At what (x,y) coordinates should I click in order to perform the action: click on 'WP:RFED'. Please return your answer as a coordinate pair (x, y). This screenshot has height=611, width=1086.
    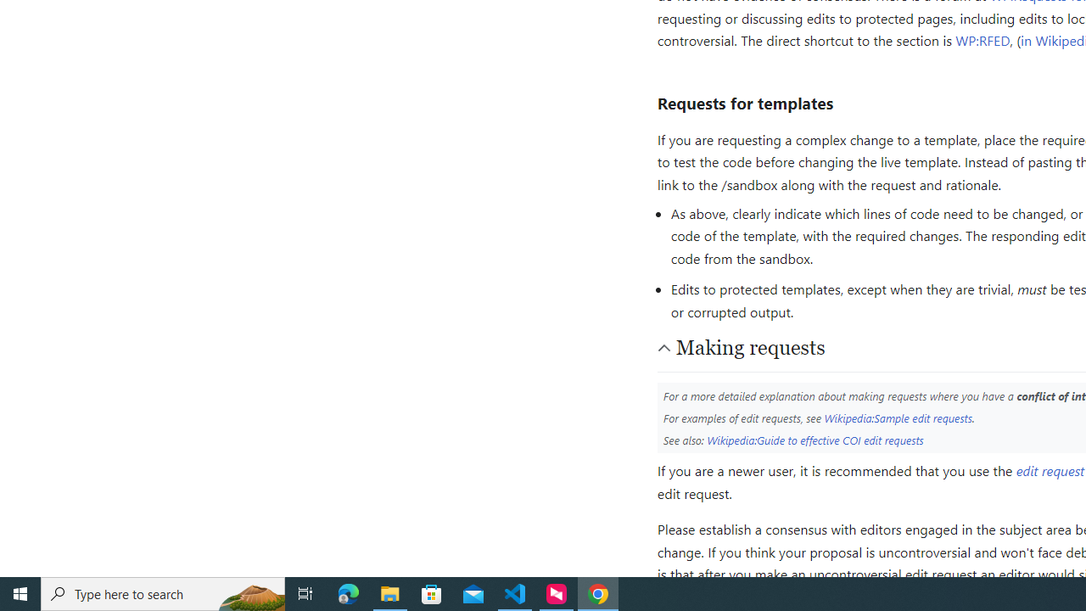
    Looking at the image, I should click on (982, 39).